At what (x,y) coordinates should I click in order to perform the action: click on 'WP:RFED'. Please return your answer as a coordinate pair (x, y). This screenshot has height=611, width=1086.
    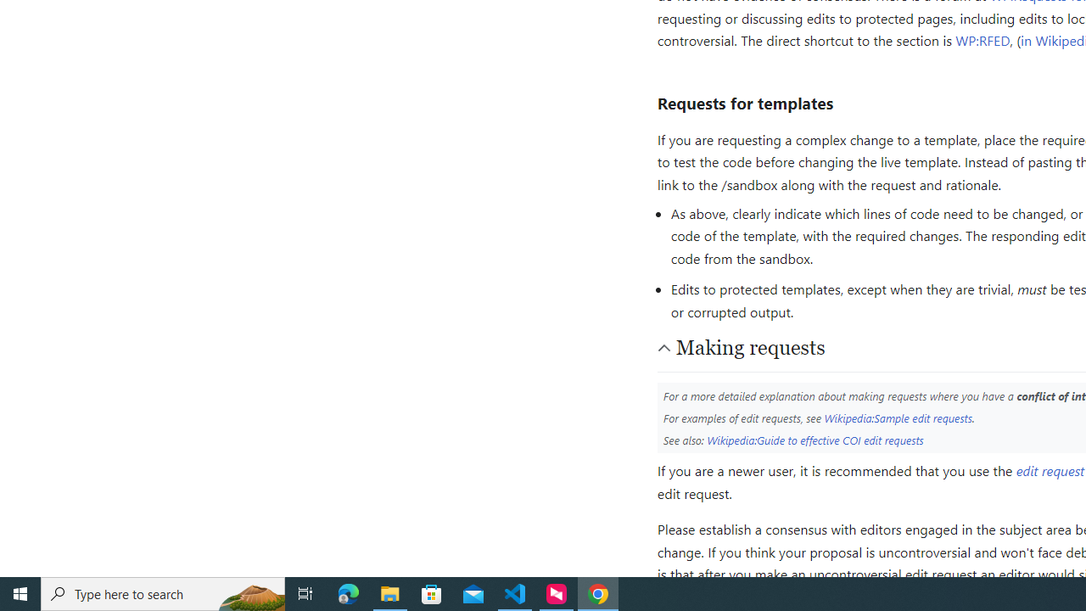
    Looking at the image, I should click on (982, 39).